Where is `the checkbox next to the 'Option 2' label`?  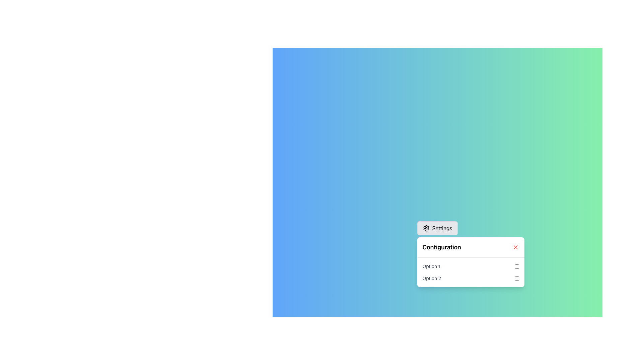
the checkbox next to the 'Option 2' label is located at coordinates (516, 278).